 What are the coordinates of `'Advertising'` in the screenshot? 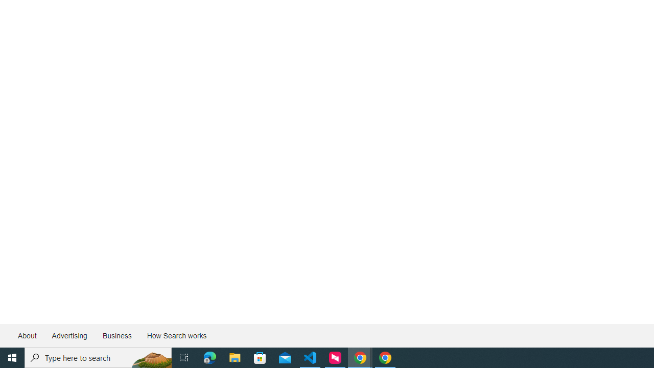 It's located at (68, 336).